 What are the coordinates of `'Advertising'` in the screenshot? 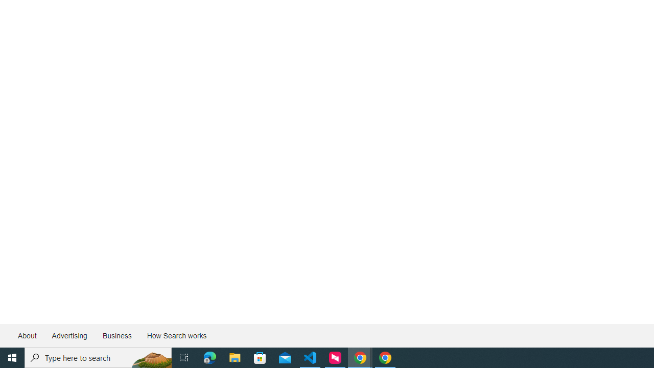 It's located at (68, 336).